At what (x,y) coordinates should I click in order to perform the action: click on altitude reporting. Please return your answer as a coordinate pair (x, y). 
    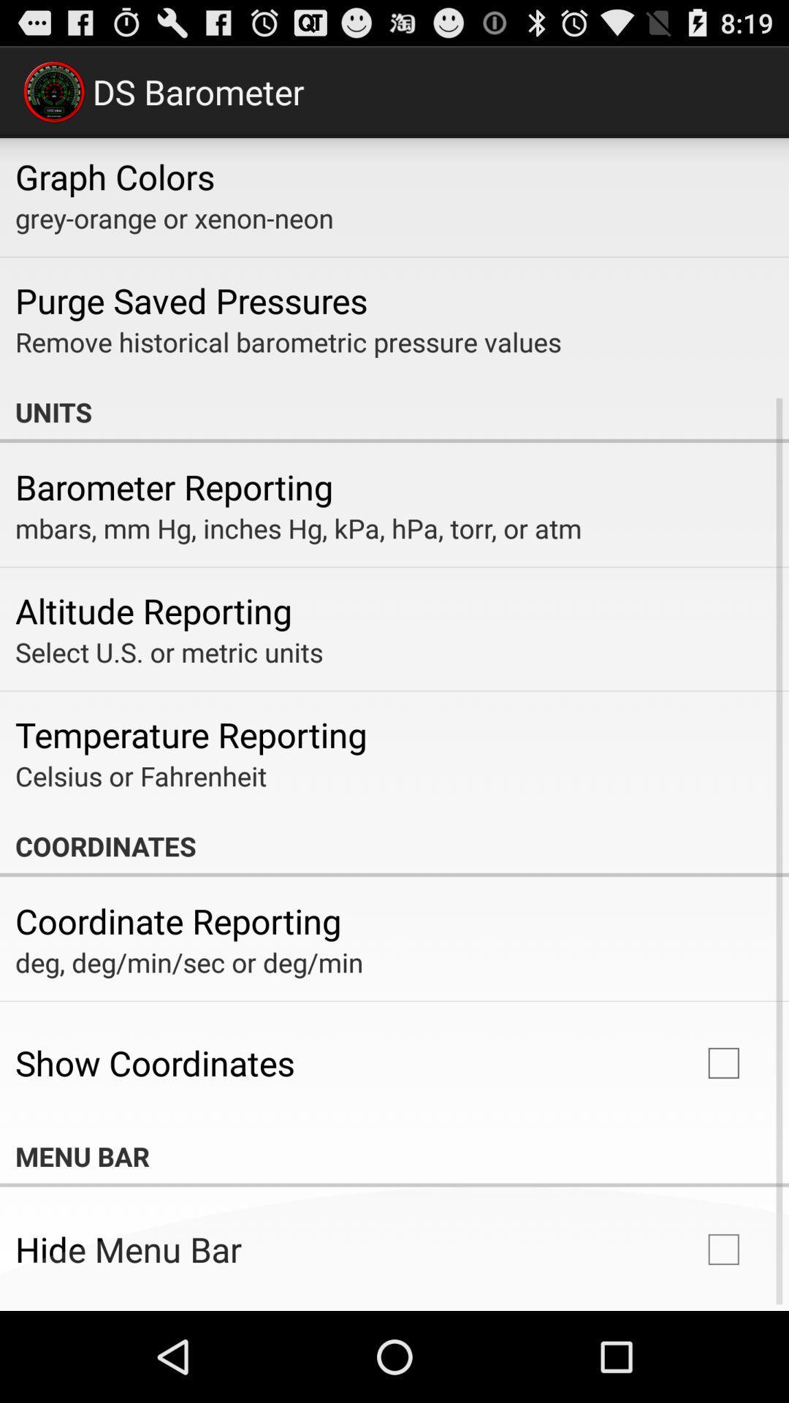
    Looking at the image, I should click on (153, 610).